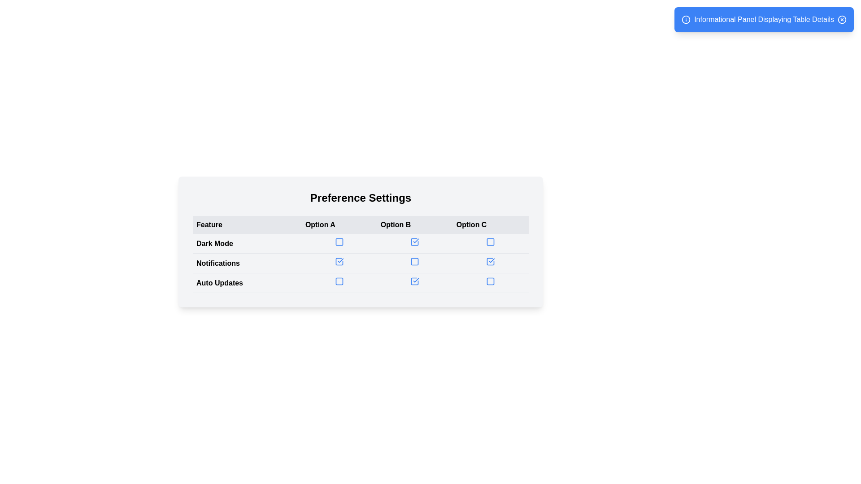  Describe the element at coordinates (414, 281) in the screenshot. I see `the 'Option B' checkbox for the 'Auto Updates' feature` at that location.